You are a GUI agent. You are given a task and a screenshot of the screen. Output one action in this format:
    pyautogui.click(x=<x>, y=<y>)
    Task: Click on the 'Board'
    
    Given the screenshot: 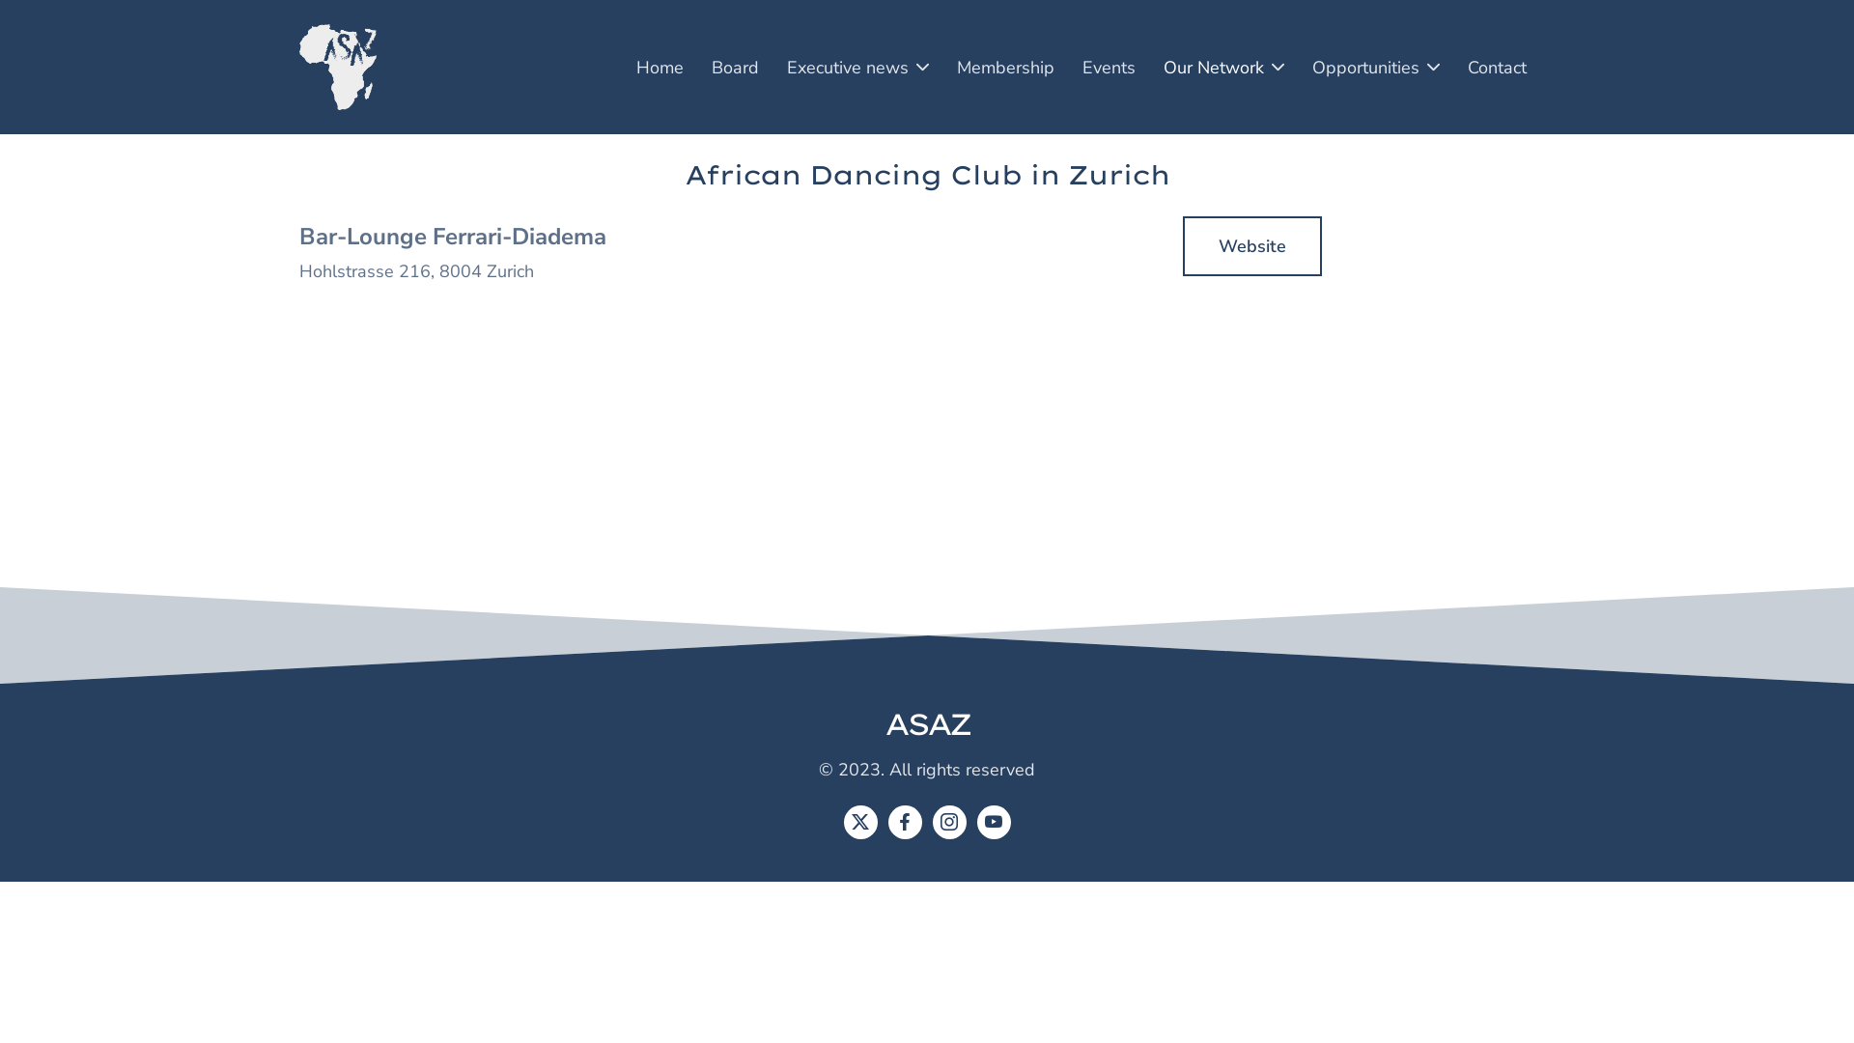 What is the action you would take?
    pyautogui.click(x=734, y=66)
    